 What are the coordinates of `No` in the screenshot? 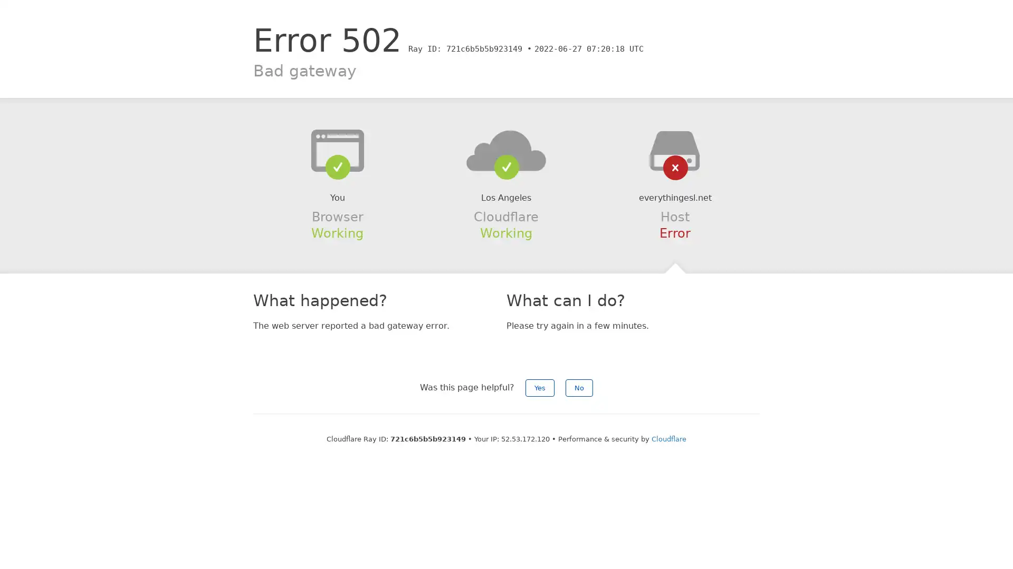 It's located at (579, 388).